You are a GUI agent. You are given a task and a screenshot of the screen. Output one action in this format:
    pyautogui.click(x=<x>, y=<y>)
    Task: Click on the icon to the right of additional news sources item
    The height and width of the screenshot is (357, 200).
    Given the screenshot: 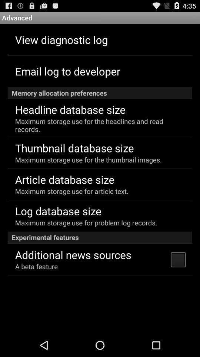 What is the action you would take?
    pyautogui.click(x=177, y=259)
    